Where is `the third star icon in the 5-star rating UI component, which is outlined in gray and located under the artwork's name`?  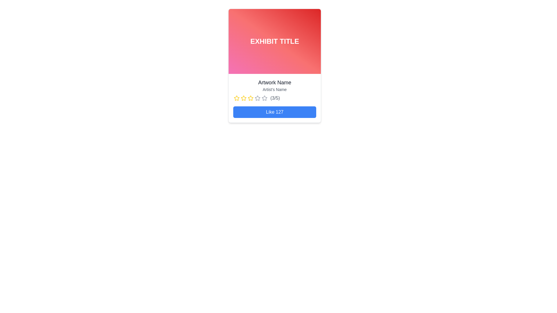 the third star icon in the 5-star rating UI component, which is outlined in gray and located under the artwork's name is located at coordinates (257, 98).